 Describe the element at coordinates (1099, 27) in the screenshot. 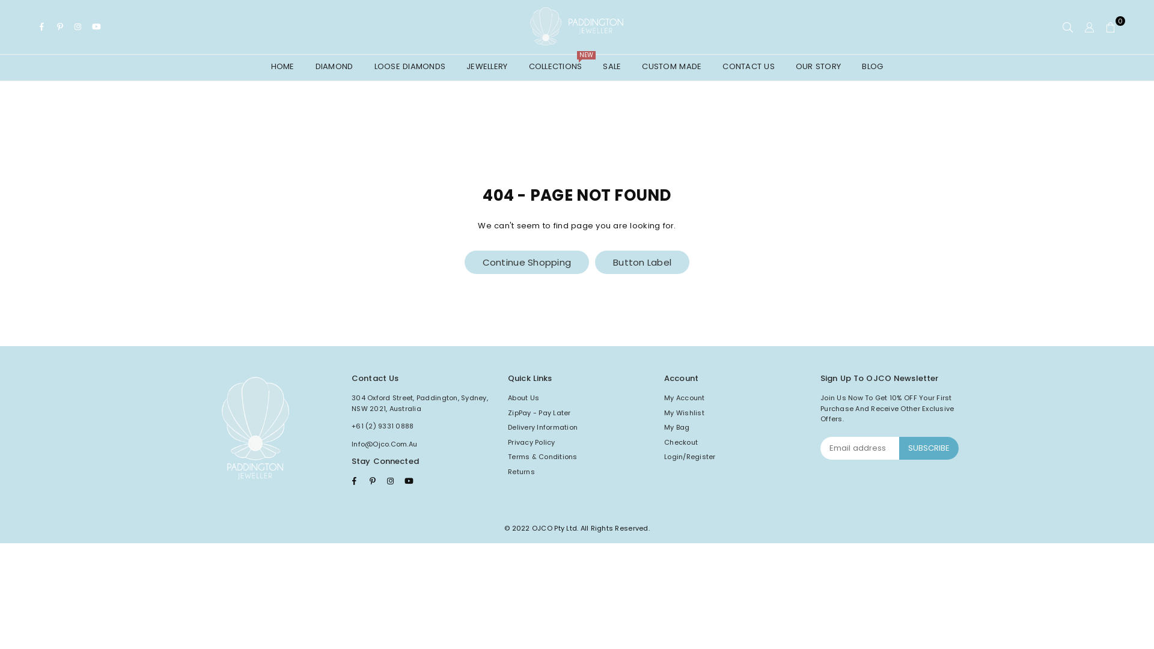

I see `'0'` at that location.